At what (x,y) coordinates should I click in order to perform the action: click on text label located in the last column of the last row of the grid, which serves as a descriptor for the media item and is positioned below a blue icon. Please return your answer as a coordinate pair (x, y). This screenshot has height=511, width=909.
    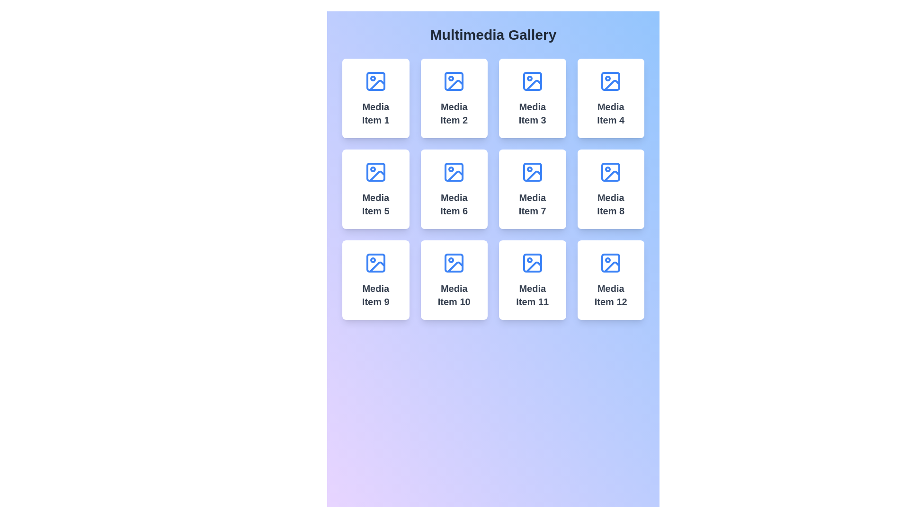
    Looking at the image, I should click on (611, 295).